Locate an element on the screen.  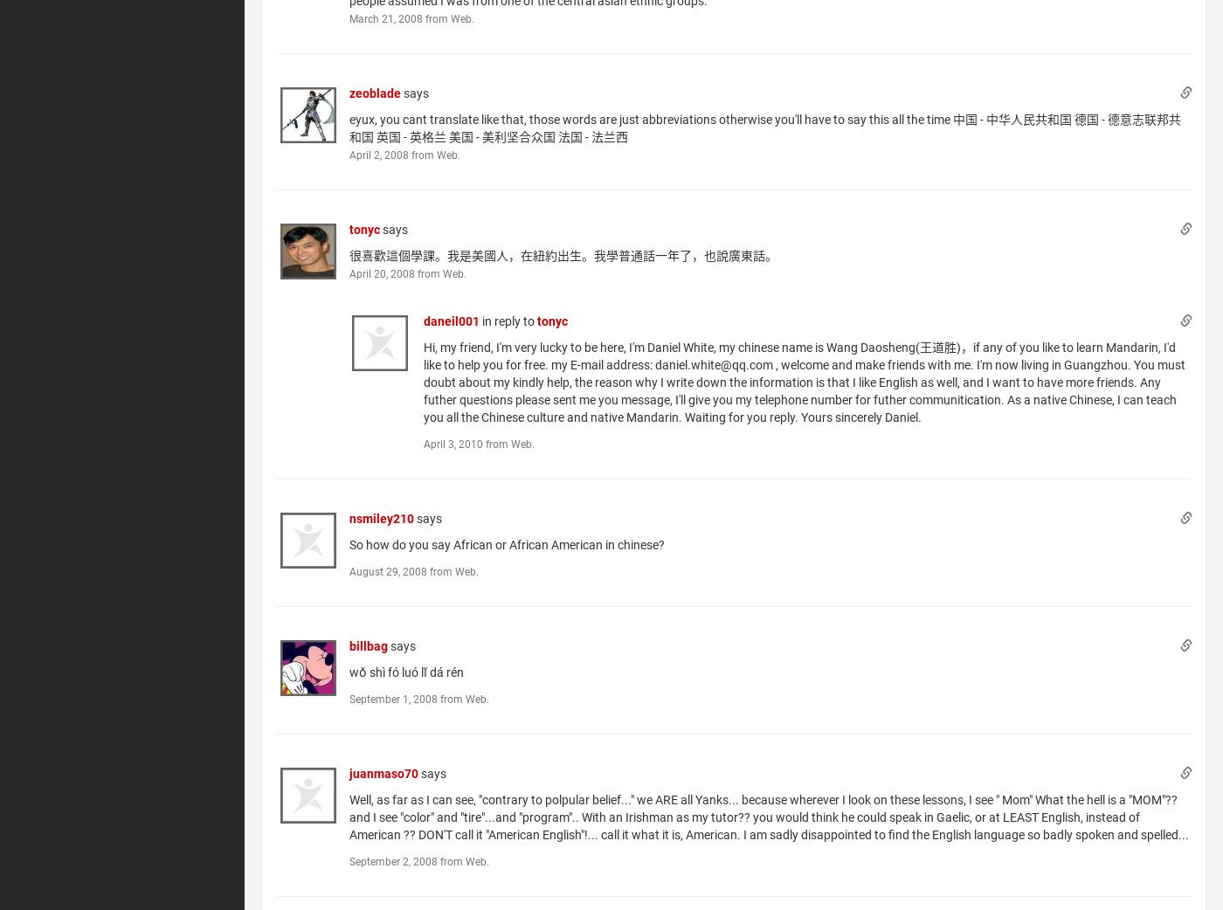
'August 29, 2008 from Web.' is located at coordinates (414, 570).